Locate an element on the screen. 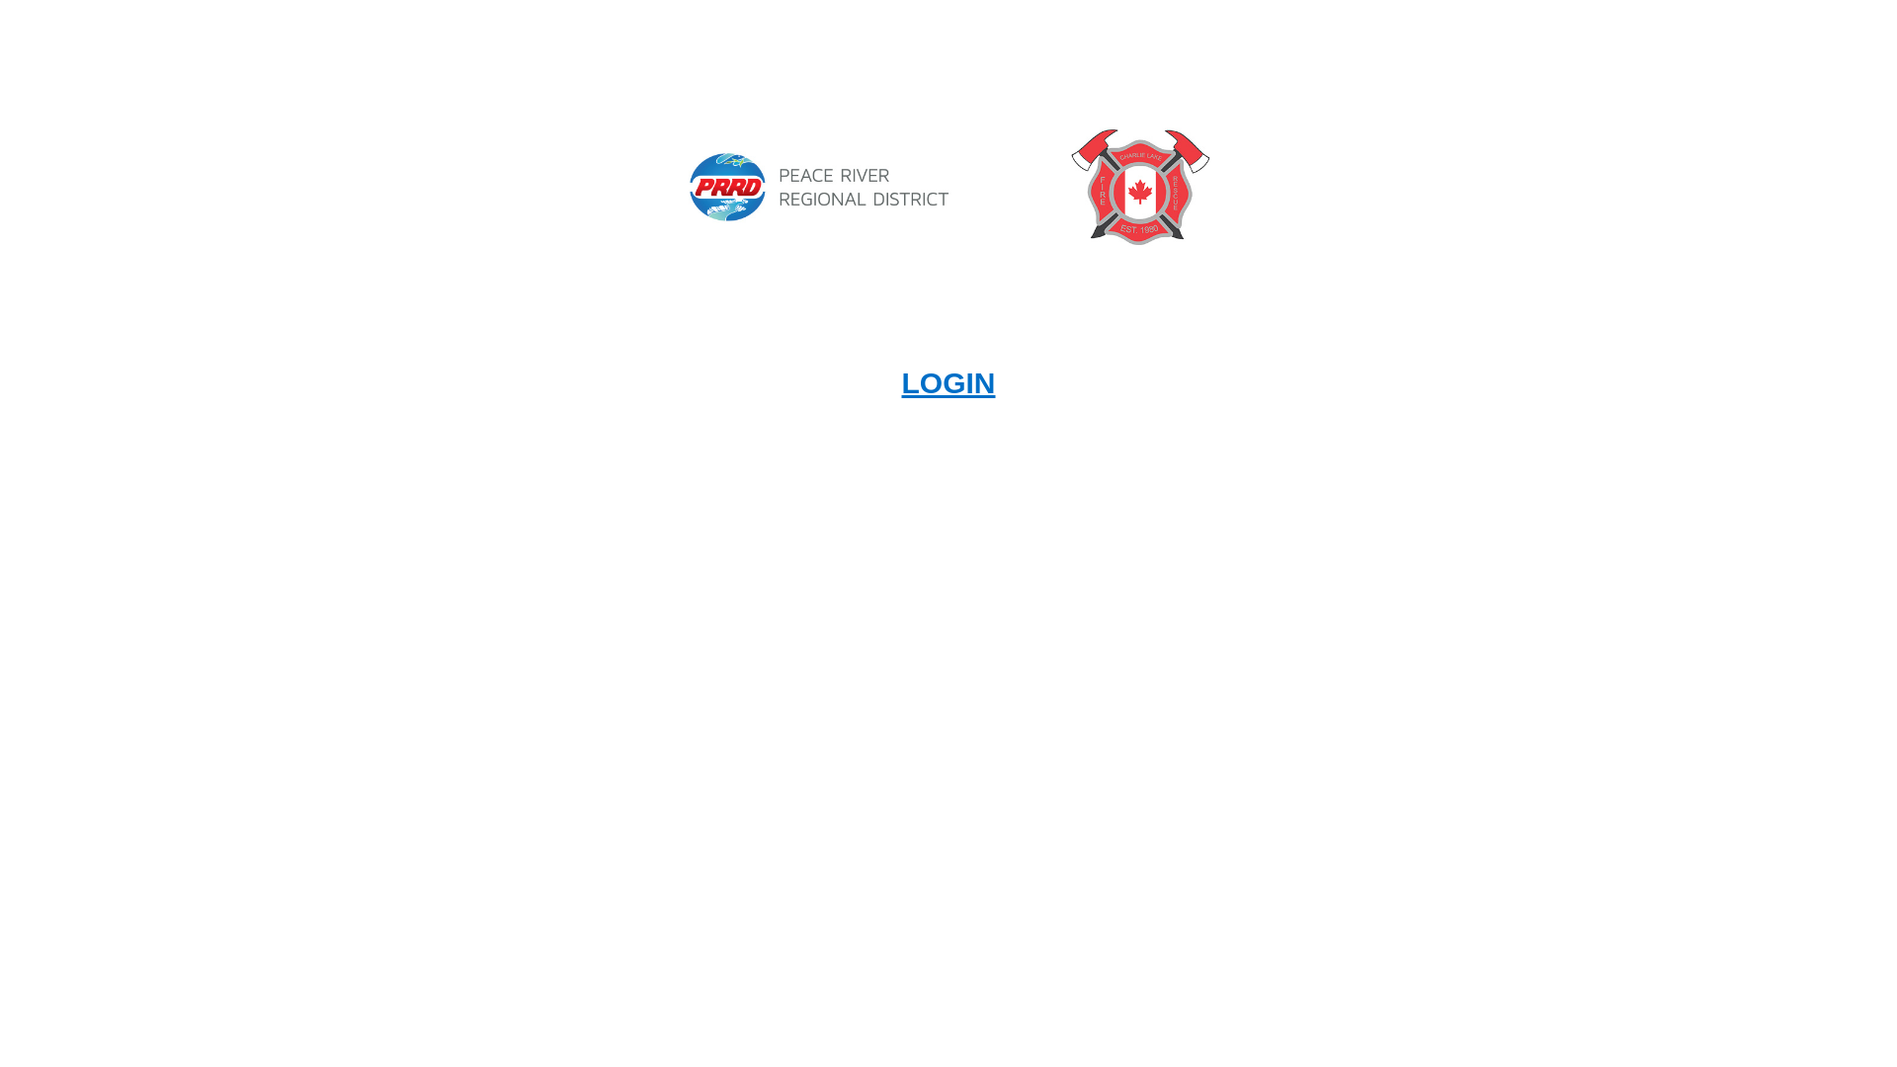  'LOGIN' is located at coordinates (900, 382).